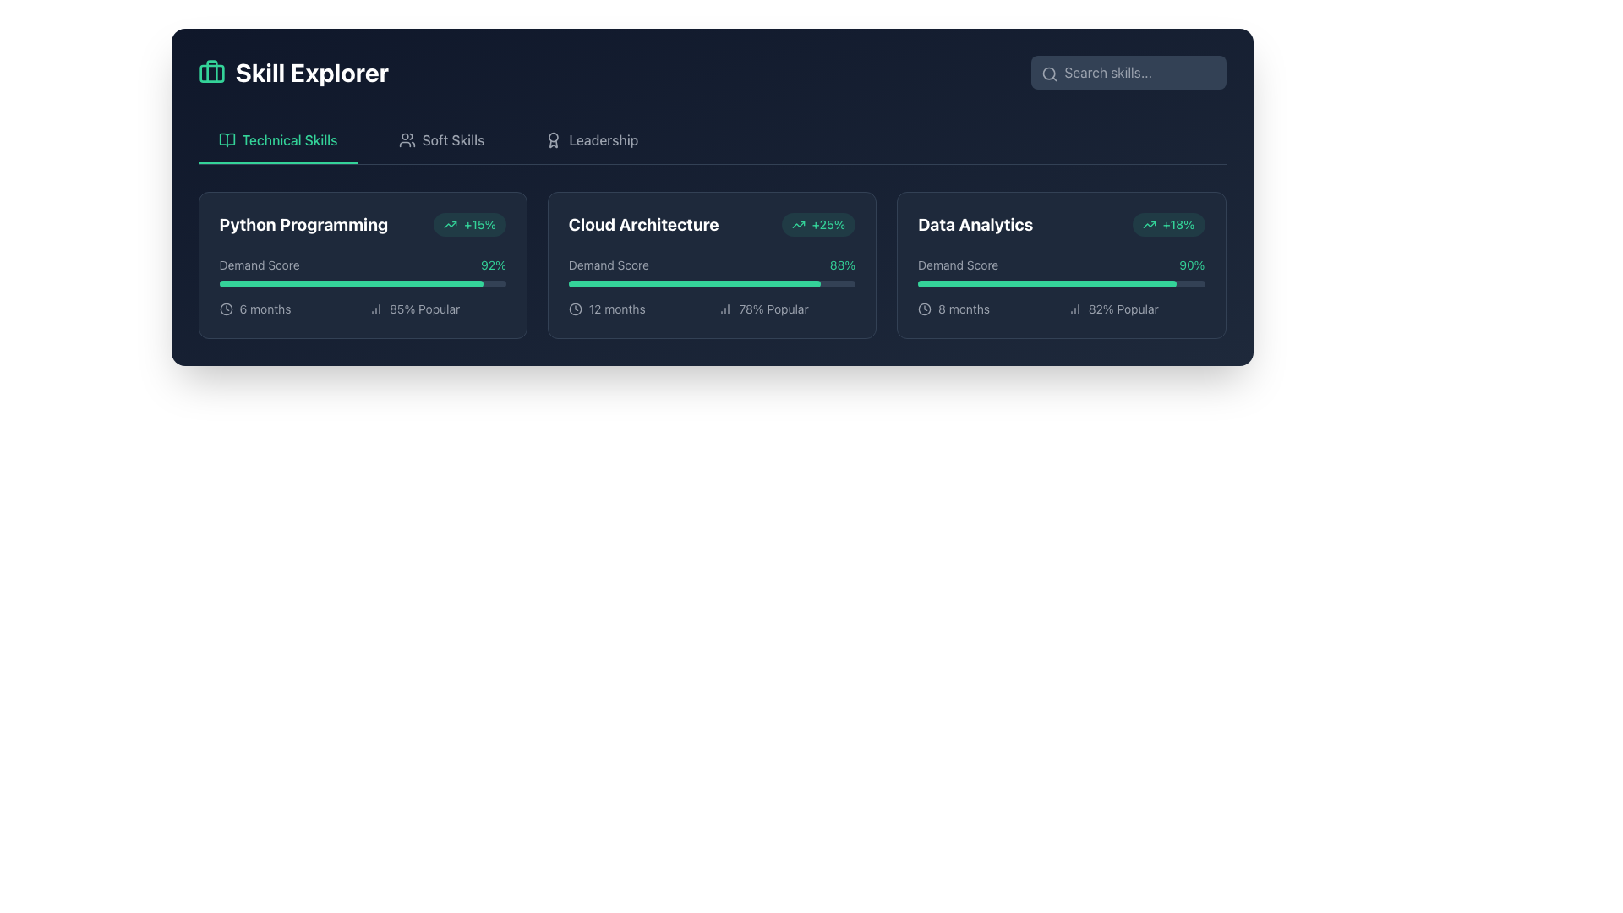 Image resolution: width=1623 pixels, height=913 pixels. Describe the element at coordinates (278, 162) in the screenshot. I see `the thin emerald green decorative bar located at the bottom of the 'Technical Skills' tab in the top navigation bar` at that location.